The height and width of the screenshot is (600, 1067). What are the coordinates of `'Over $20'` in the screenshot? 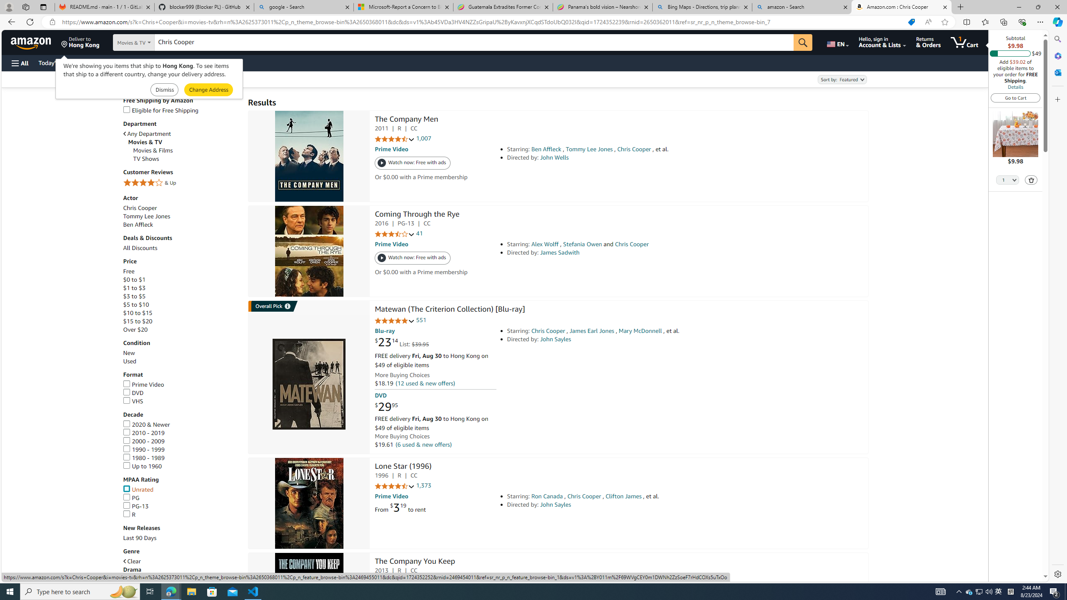 It's located at (135, 329).